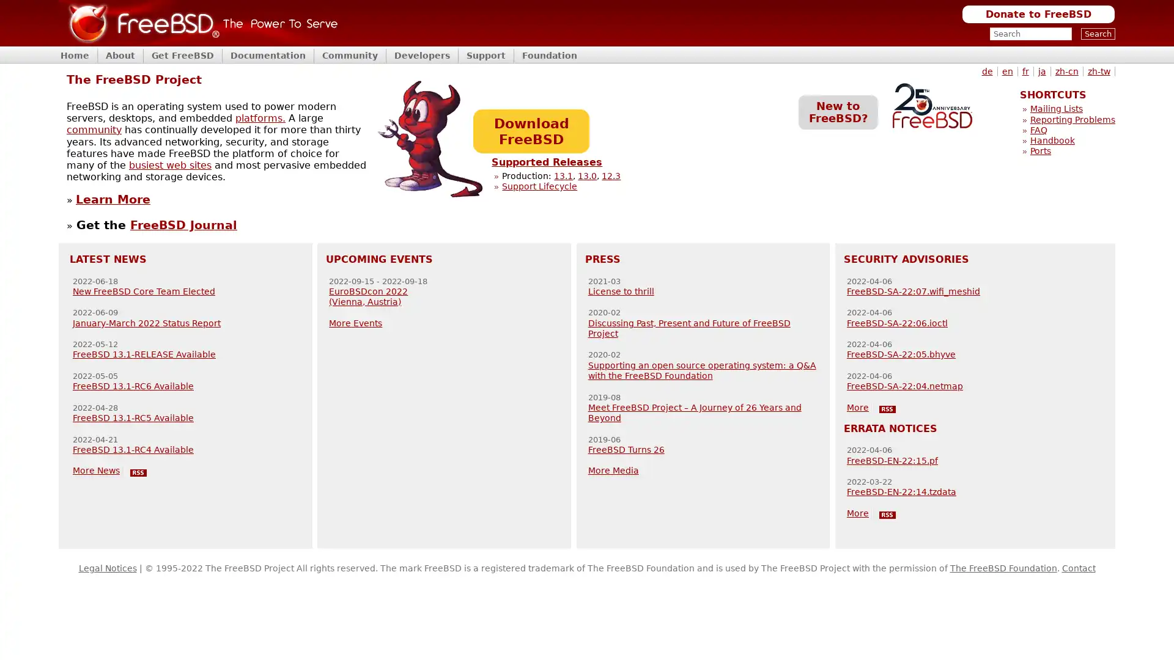 The width and height of the screenshot is (1174, 660). What do you see at coordinates (1098, 33) in the screenshot?
I see `Search` at bounding box center [1098, 33].